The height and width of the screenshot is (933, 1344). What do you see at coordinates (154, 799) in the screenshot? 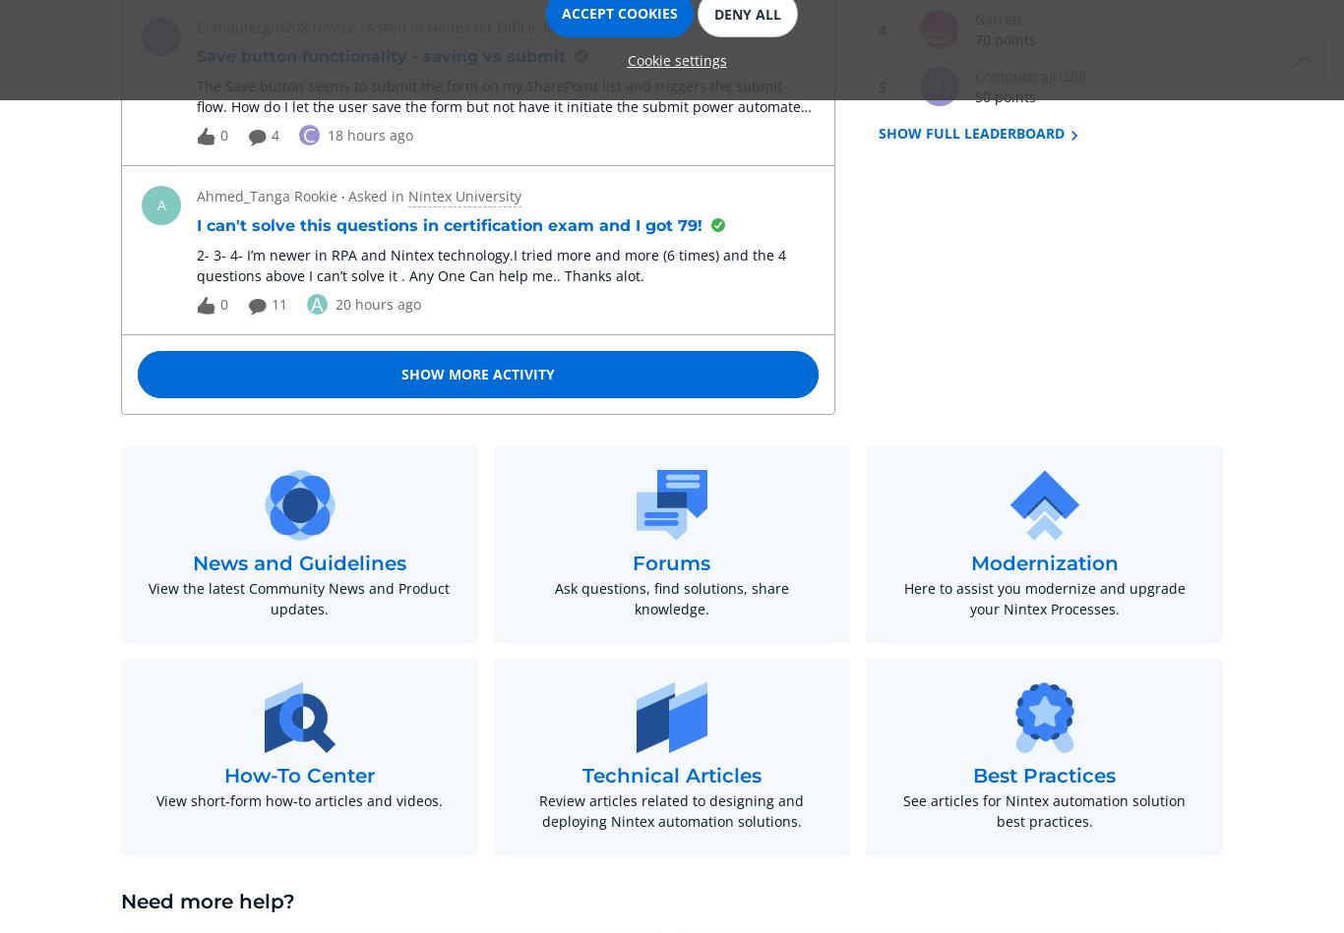
I see `'View short-form how-to articles and videos.'` at bounding box center [154, 799].